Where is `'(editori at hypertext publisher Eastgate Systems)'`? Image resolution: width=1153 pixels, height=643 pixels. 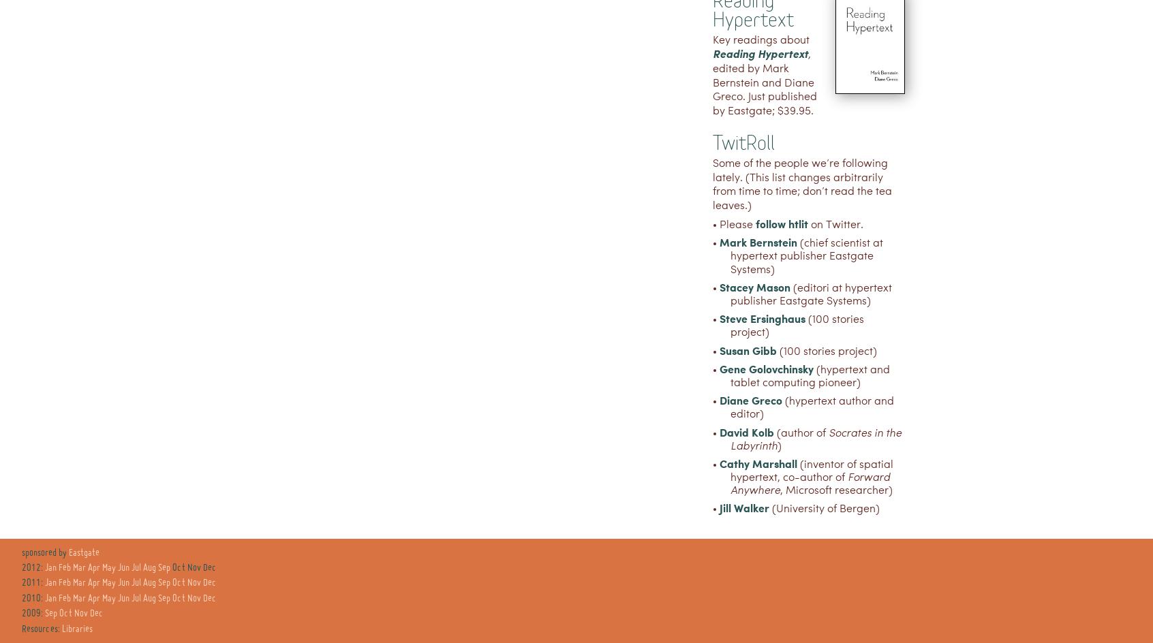
'(editori at hypertext publisher Eastgate Systems)' is located at coordinates (731, 294).